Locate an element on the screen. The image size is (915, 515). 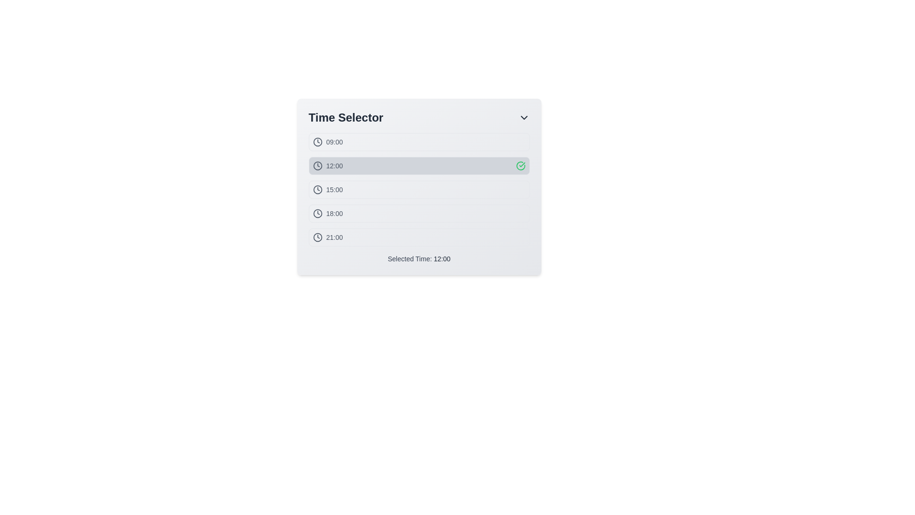
the time option icon representing '12:00' is located at coordinates (317, 165).